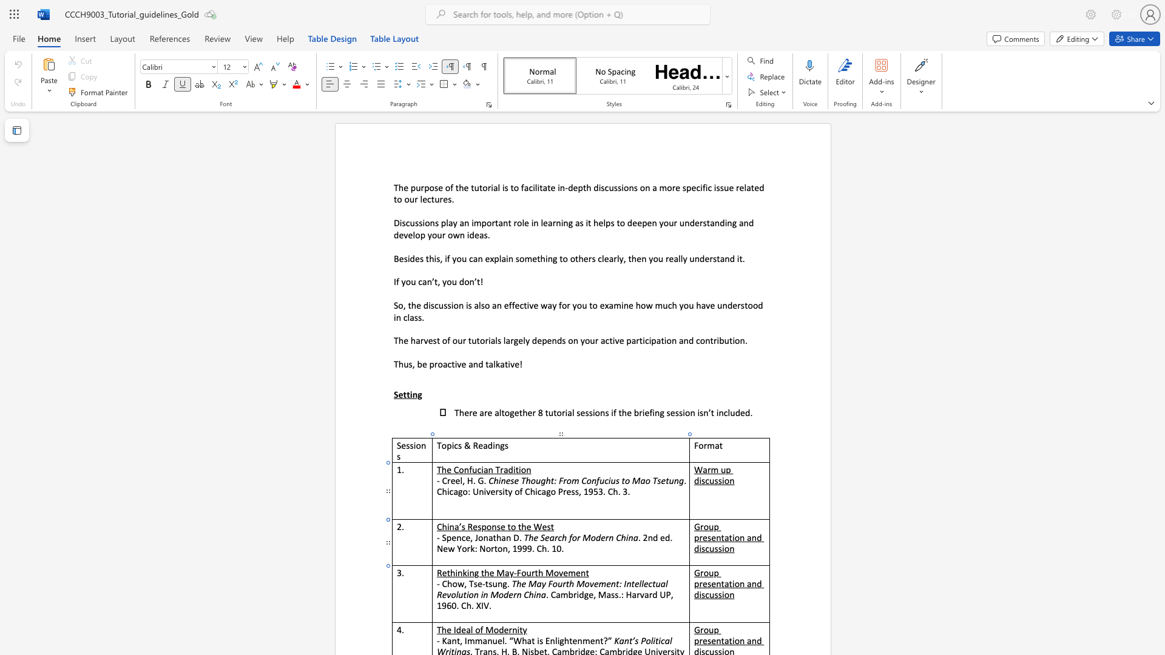  I want to click on the space between the continuous character "r" and "c" in the text, so click(557, 537).